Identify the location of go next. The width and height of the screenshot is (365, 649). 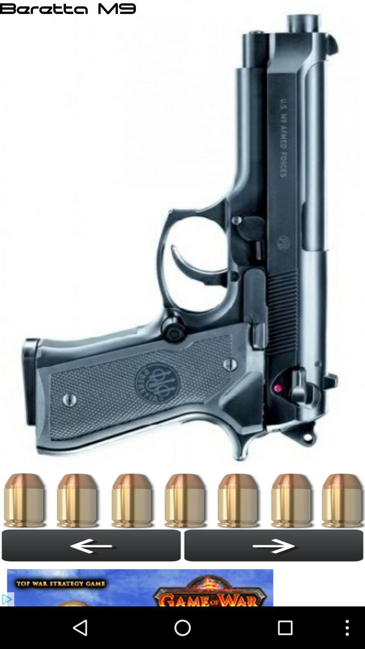
(274, 545).